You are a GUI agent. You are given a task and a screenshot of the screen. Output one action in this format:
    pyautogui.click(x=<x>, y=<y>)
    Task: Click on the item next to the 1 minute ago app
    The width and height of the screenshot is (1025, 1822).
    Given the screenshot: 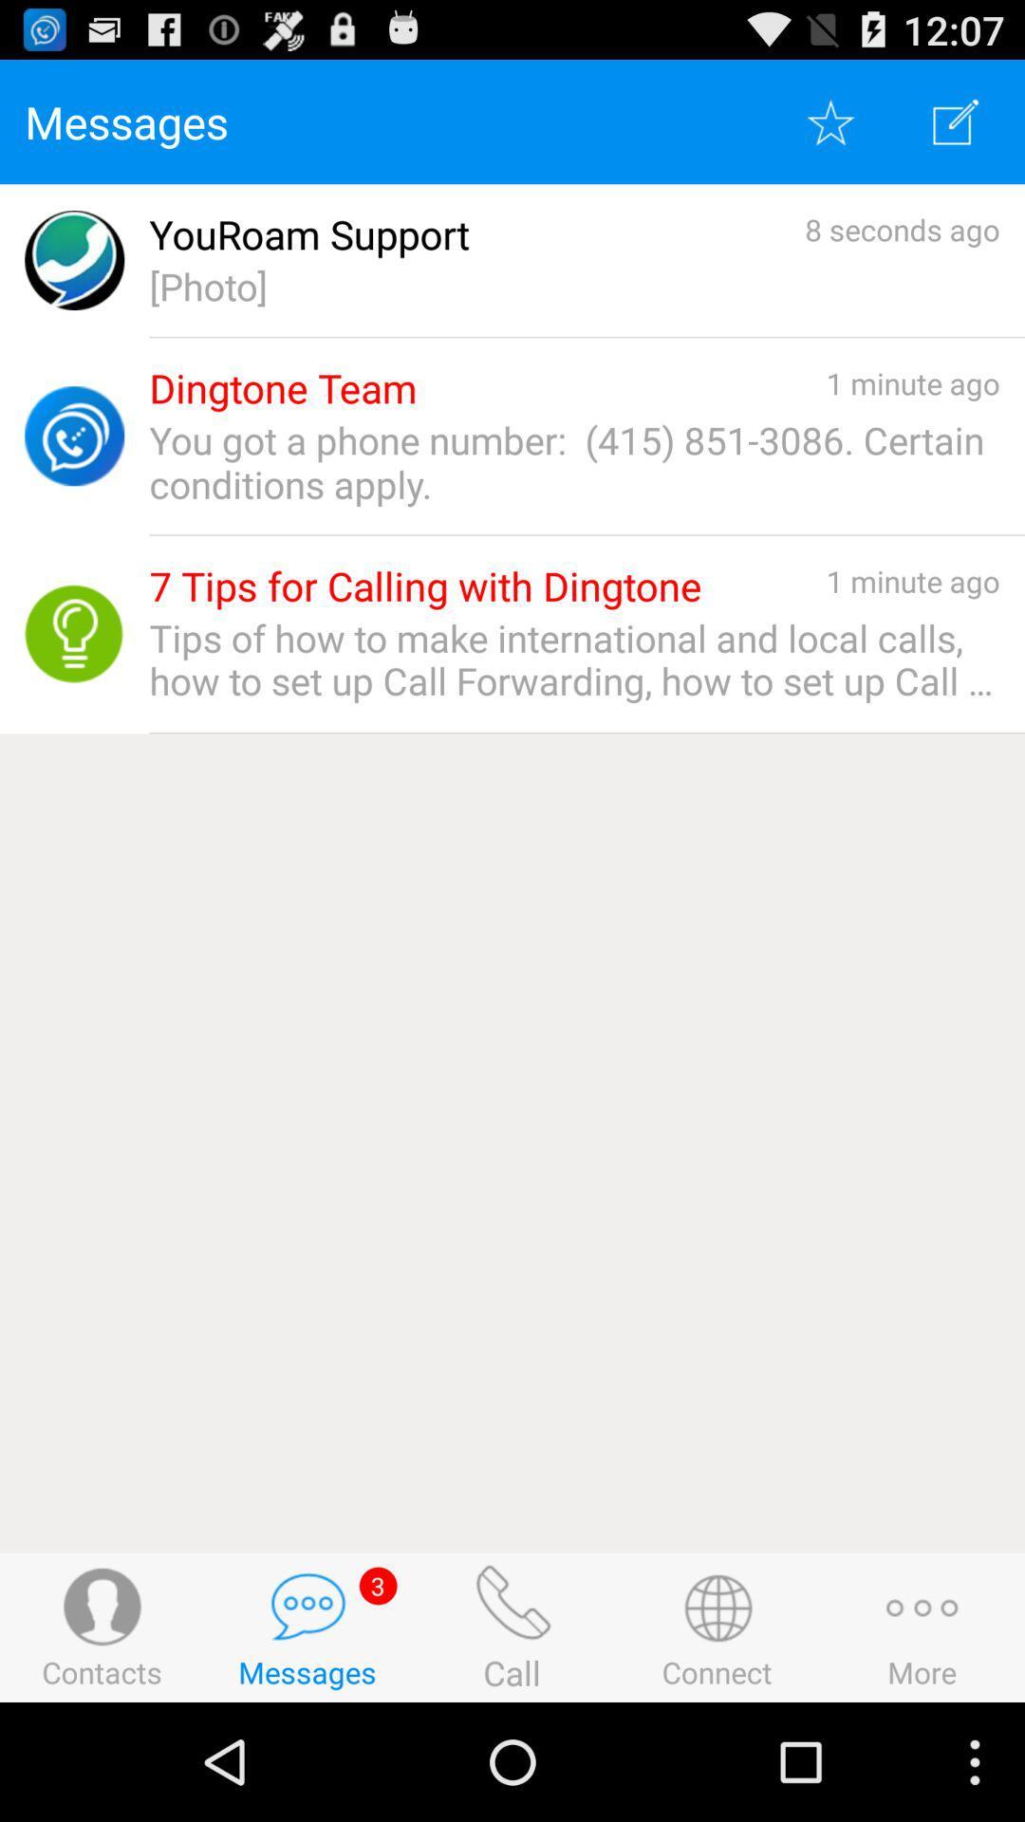 What is the action you would take?
    pyautogui.click(x=424, y=586)
    